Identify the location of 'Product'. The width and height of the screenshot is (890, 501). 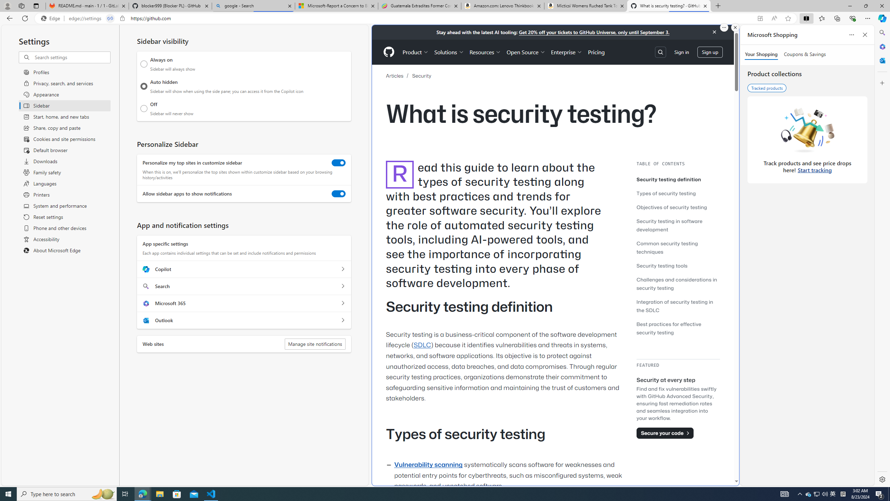
(415, 52).